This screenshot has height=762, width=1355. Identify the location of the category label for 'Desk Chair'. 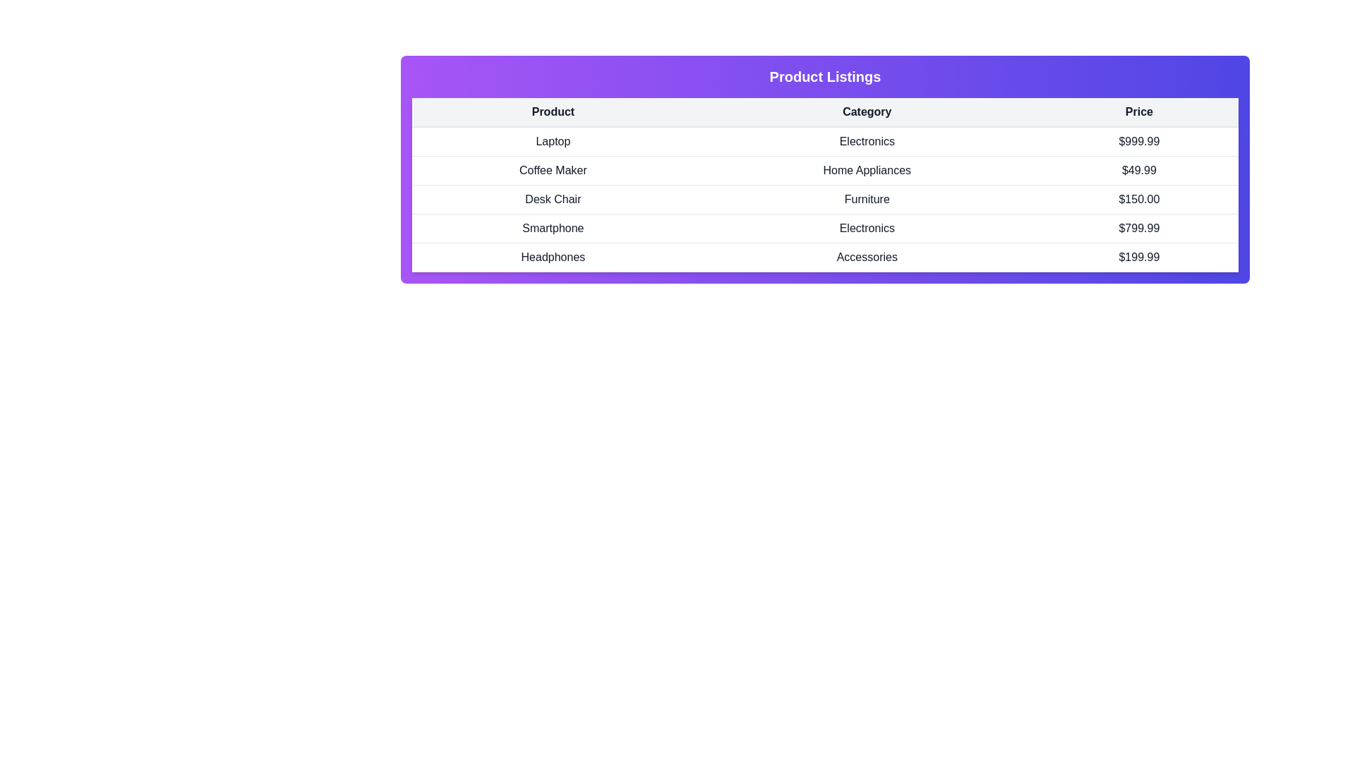
(866, 199).